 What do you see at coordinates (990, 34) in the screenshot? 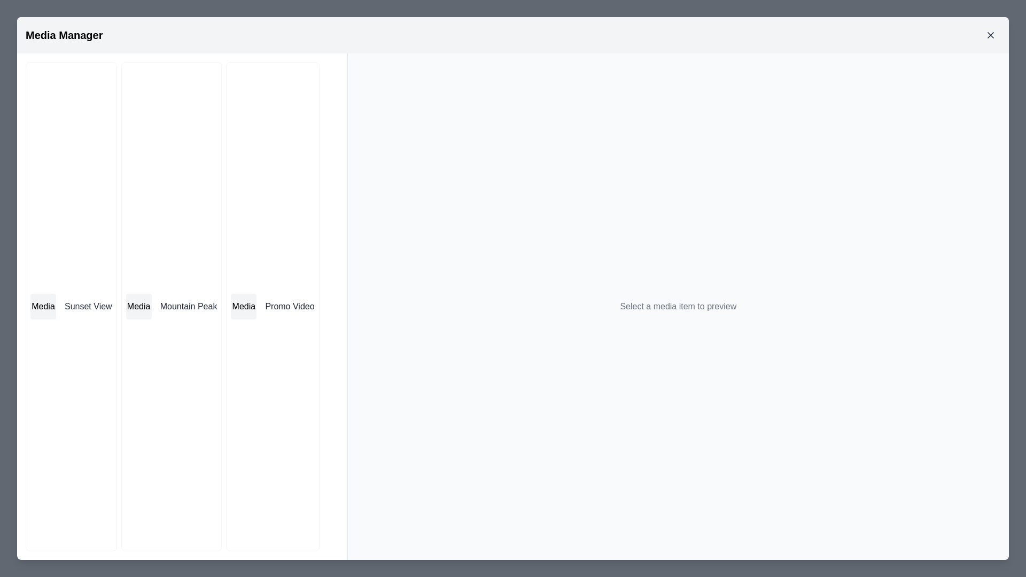
I see `the round button with an 'X' icon in the header bar of 'Media Manager' to observe its hover effect` at bounding box center [990, 34].